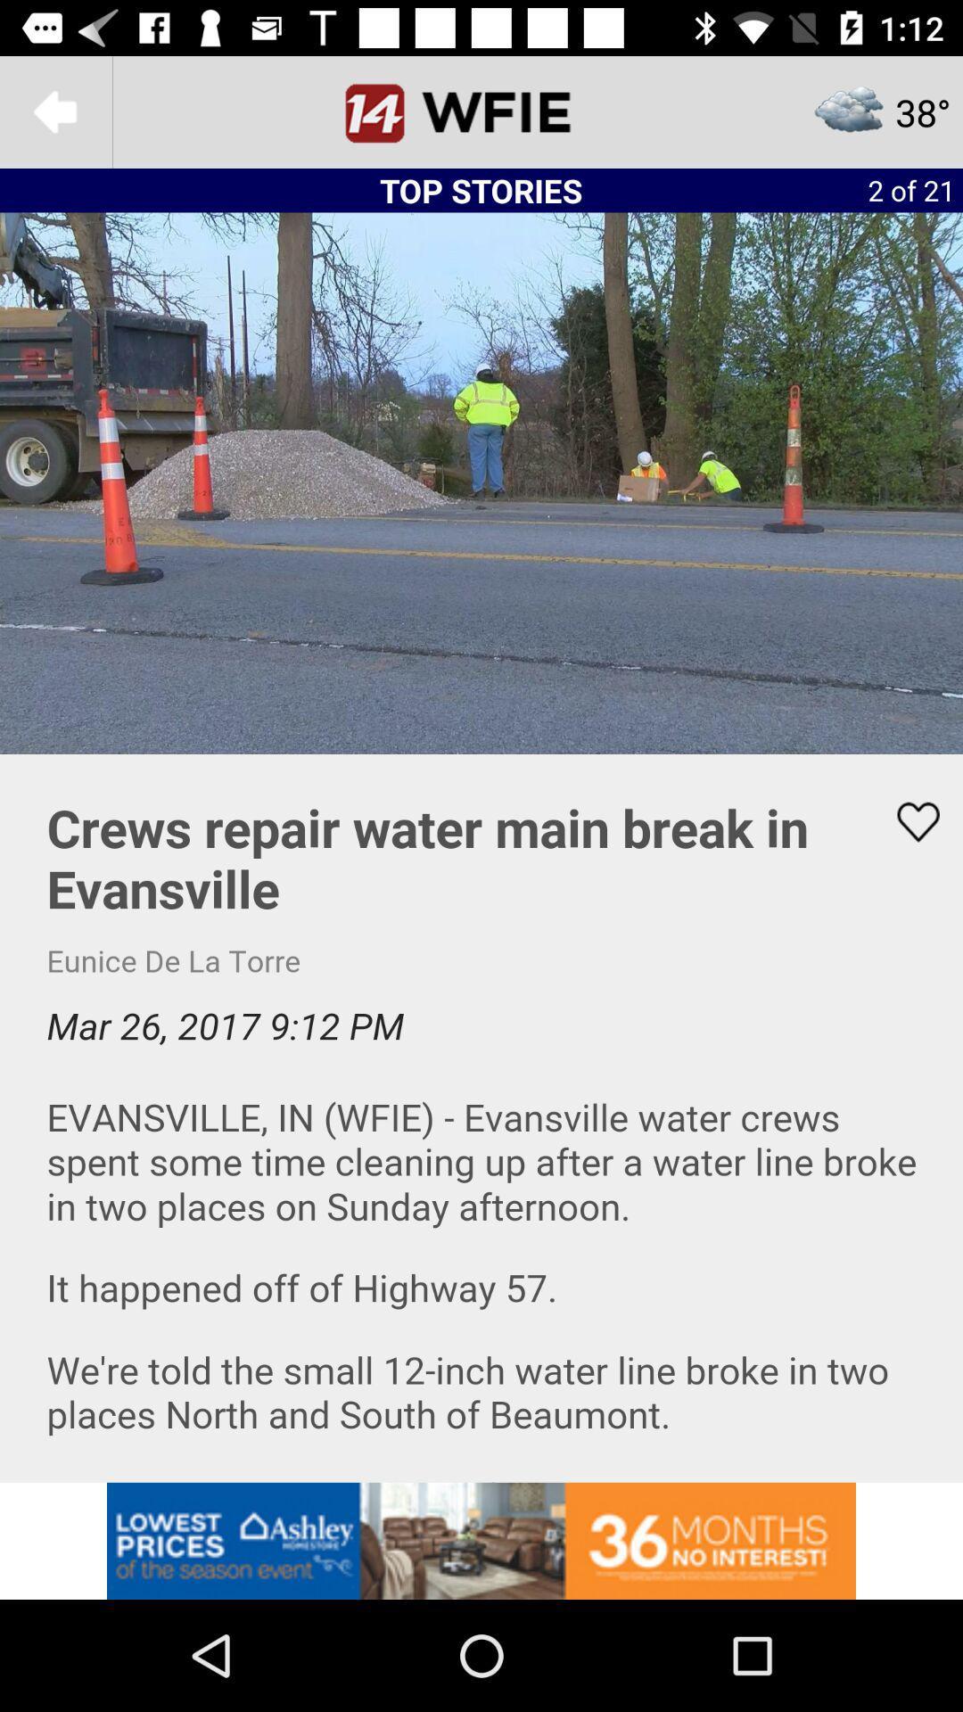  I want to click on the arrow_backward icon, so click(54, 111).